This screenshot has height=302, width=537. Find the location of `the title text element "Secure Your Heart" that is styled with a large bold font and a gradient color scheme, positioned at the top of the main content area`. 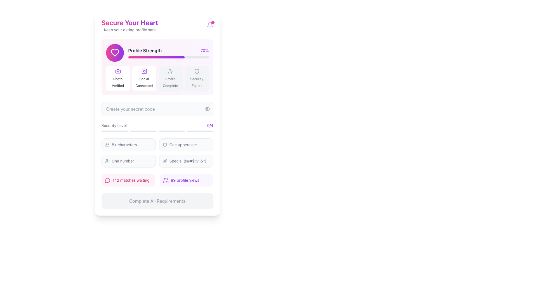

the title text element "Secure Your Heart" that is styled with a large bold font and a gradient color scheme, positioned at the top of the main content area is located at coordinates (129, 22).